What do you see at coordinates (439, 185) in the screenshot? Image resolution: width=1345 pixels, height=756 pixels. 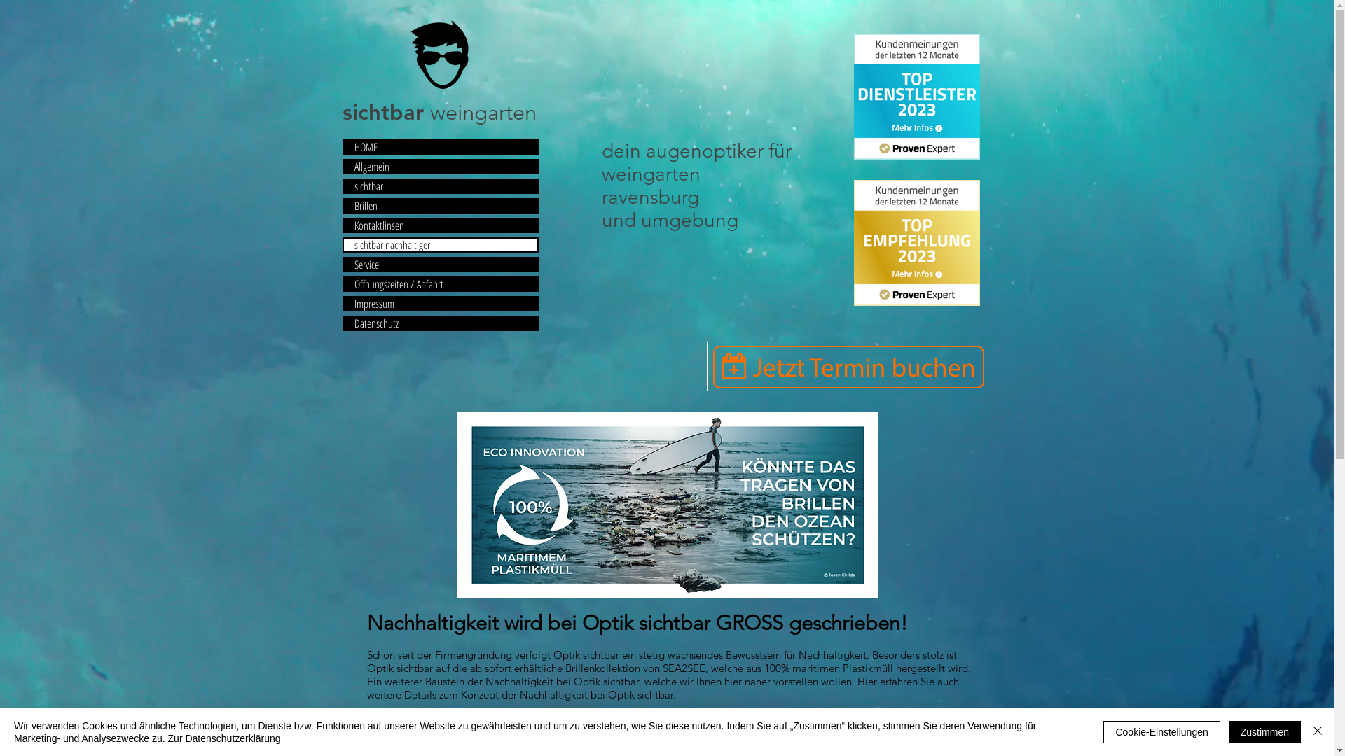 I see `'sichtbar'` at bounding box center [439, 185].